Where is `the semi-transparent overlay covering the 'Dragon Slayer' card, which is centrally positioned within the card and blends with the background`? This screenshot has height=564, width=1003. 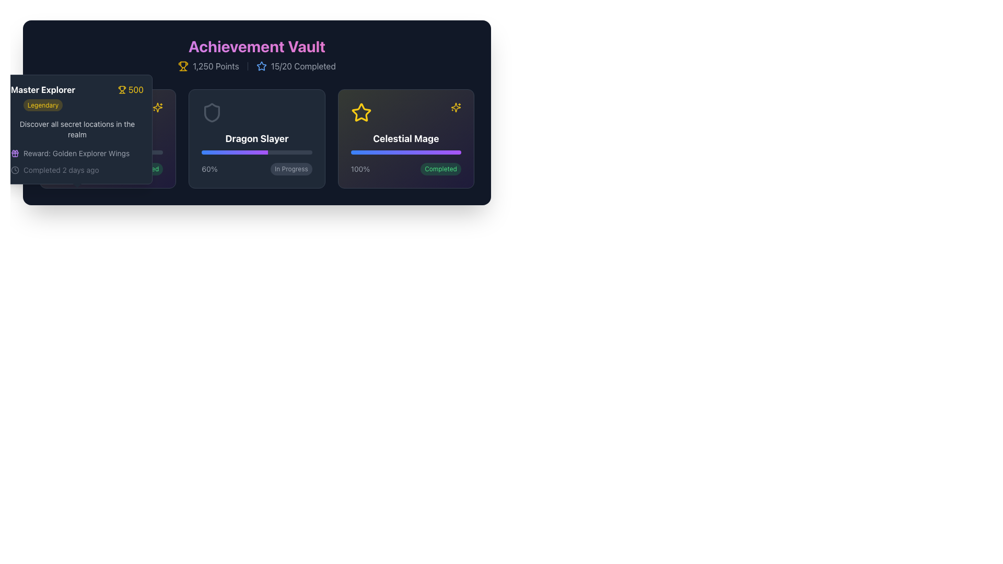 the semi-transparent overlay covering the 'Dragon Slayer' card, which is centrally positioned within the card and blends with the background is located at coordinates (256, 138).